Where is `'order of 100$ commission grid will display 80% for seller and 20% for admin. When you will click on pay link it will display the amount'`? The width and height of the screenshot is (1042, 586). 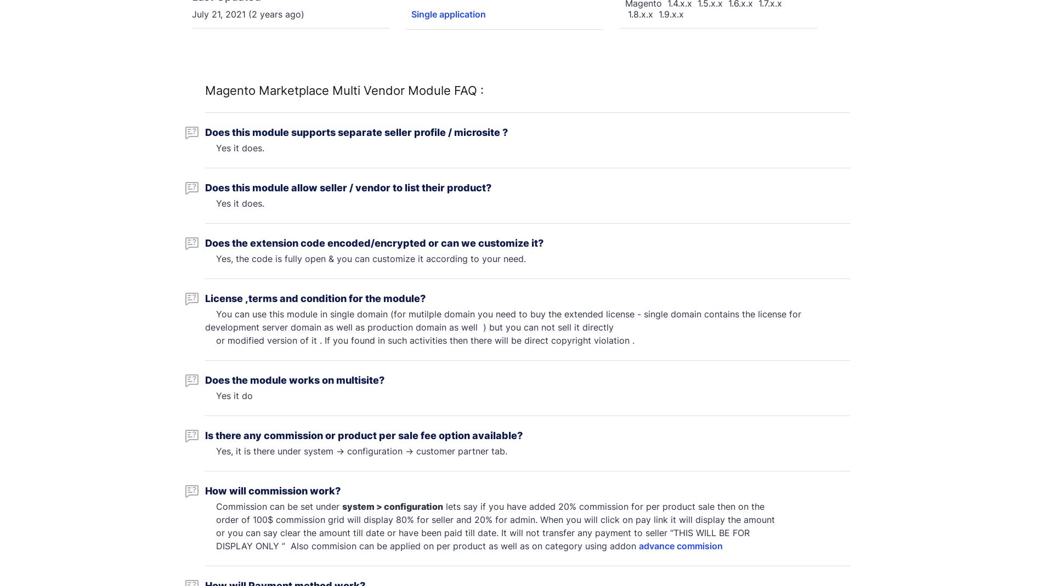
'order of 100$ commission grid will display 80% for seller and 20% for admin. When you will click on pay link it will display the amount' is located at coordinates (489, 519).